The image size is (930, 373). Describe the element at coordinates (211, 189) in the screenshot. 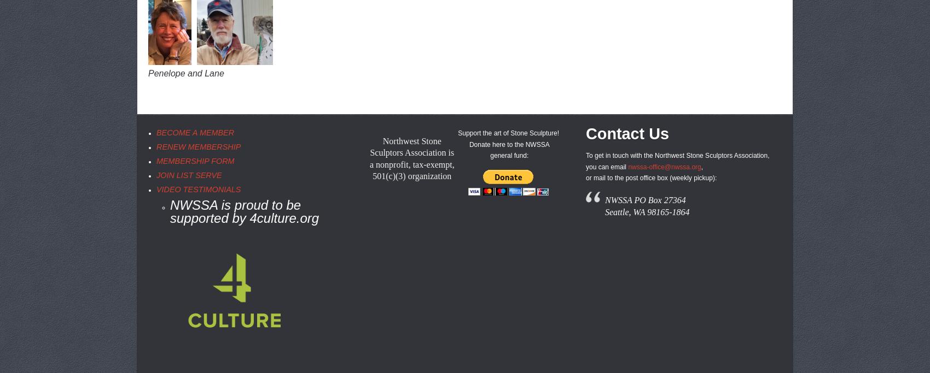

I see `'ESTIMONIAL'` at that location.